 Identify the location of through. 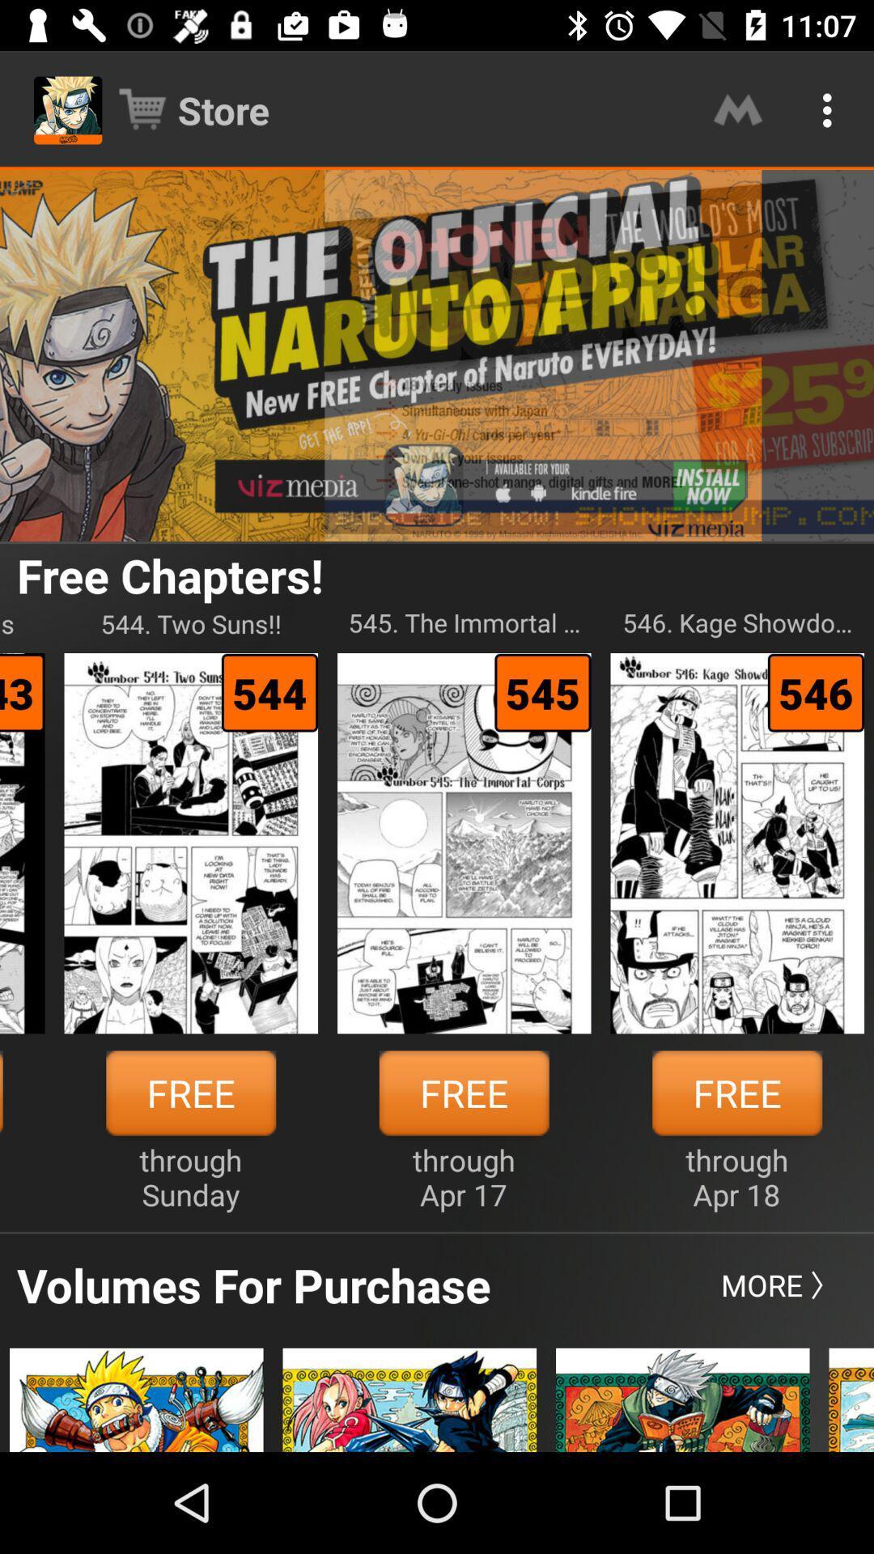
(189, 1177).